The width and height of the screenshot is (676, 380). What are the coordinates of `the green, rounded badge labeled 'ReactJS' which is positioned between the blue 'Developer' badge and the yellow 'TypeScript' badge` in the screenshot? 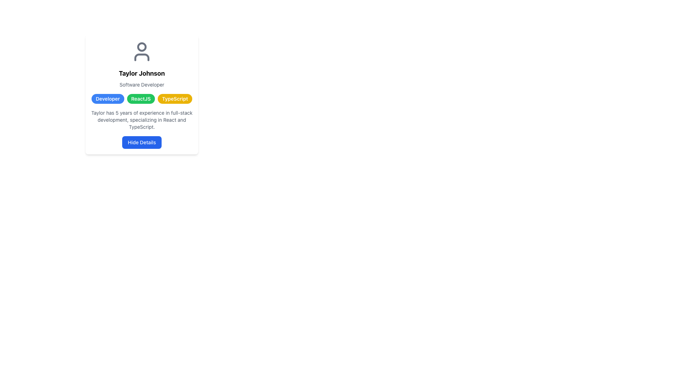 It's located at (141, 99).